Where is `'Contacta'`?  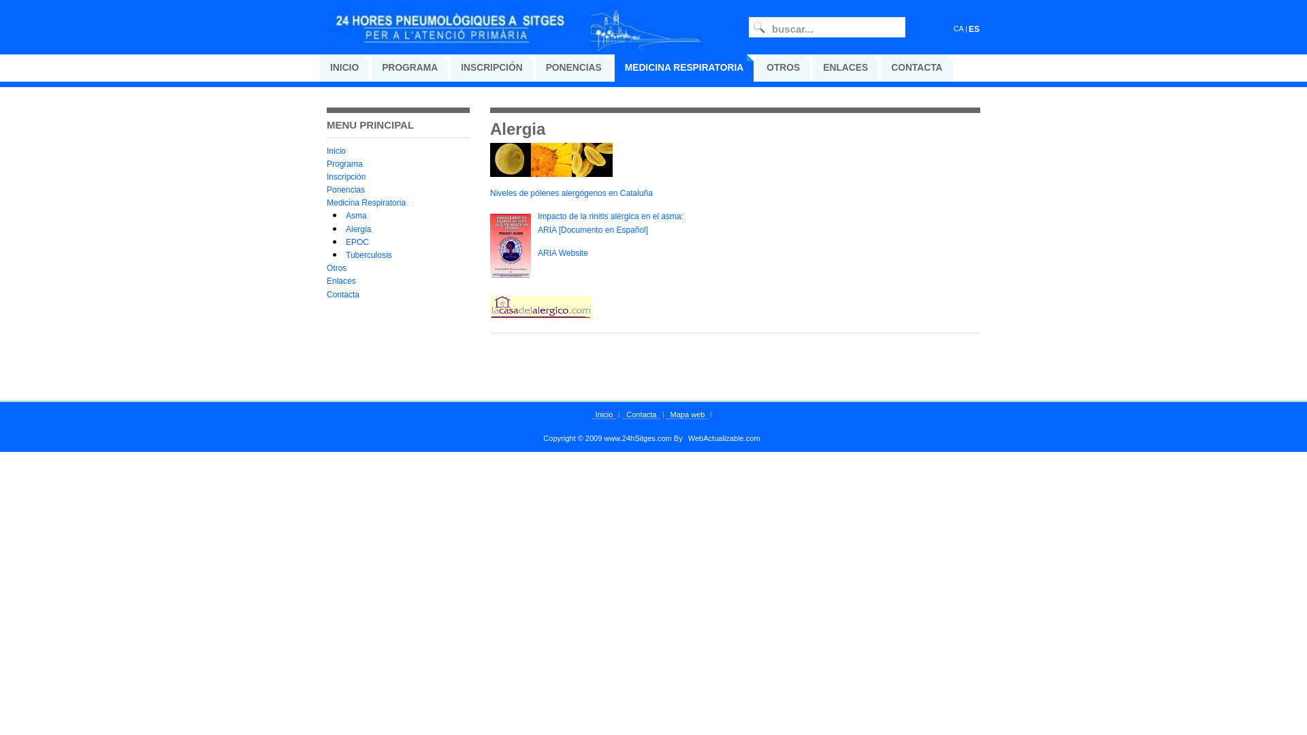 'Contacta' is located at coordinates (343, 293).